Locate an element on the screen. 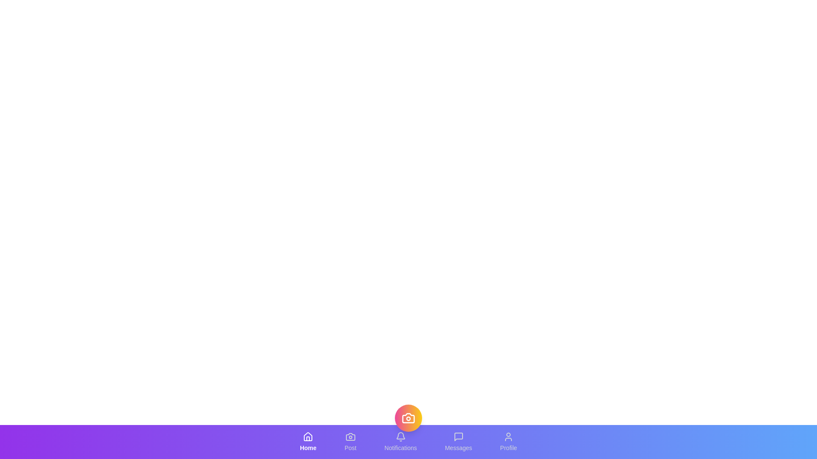  the Notifications tab to switch to its section is located at coordinates (400, 442).